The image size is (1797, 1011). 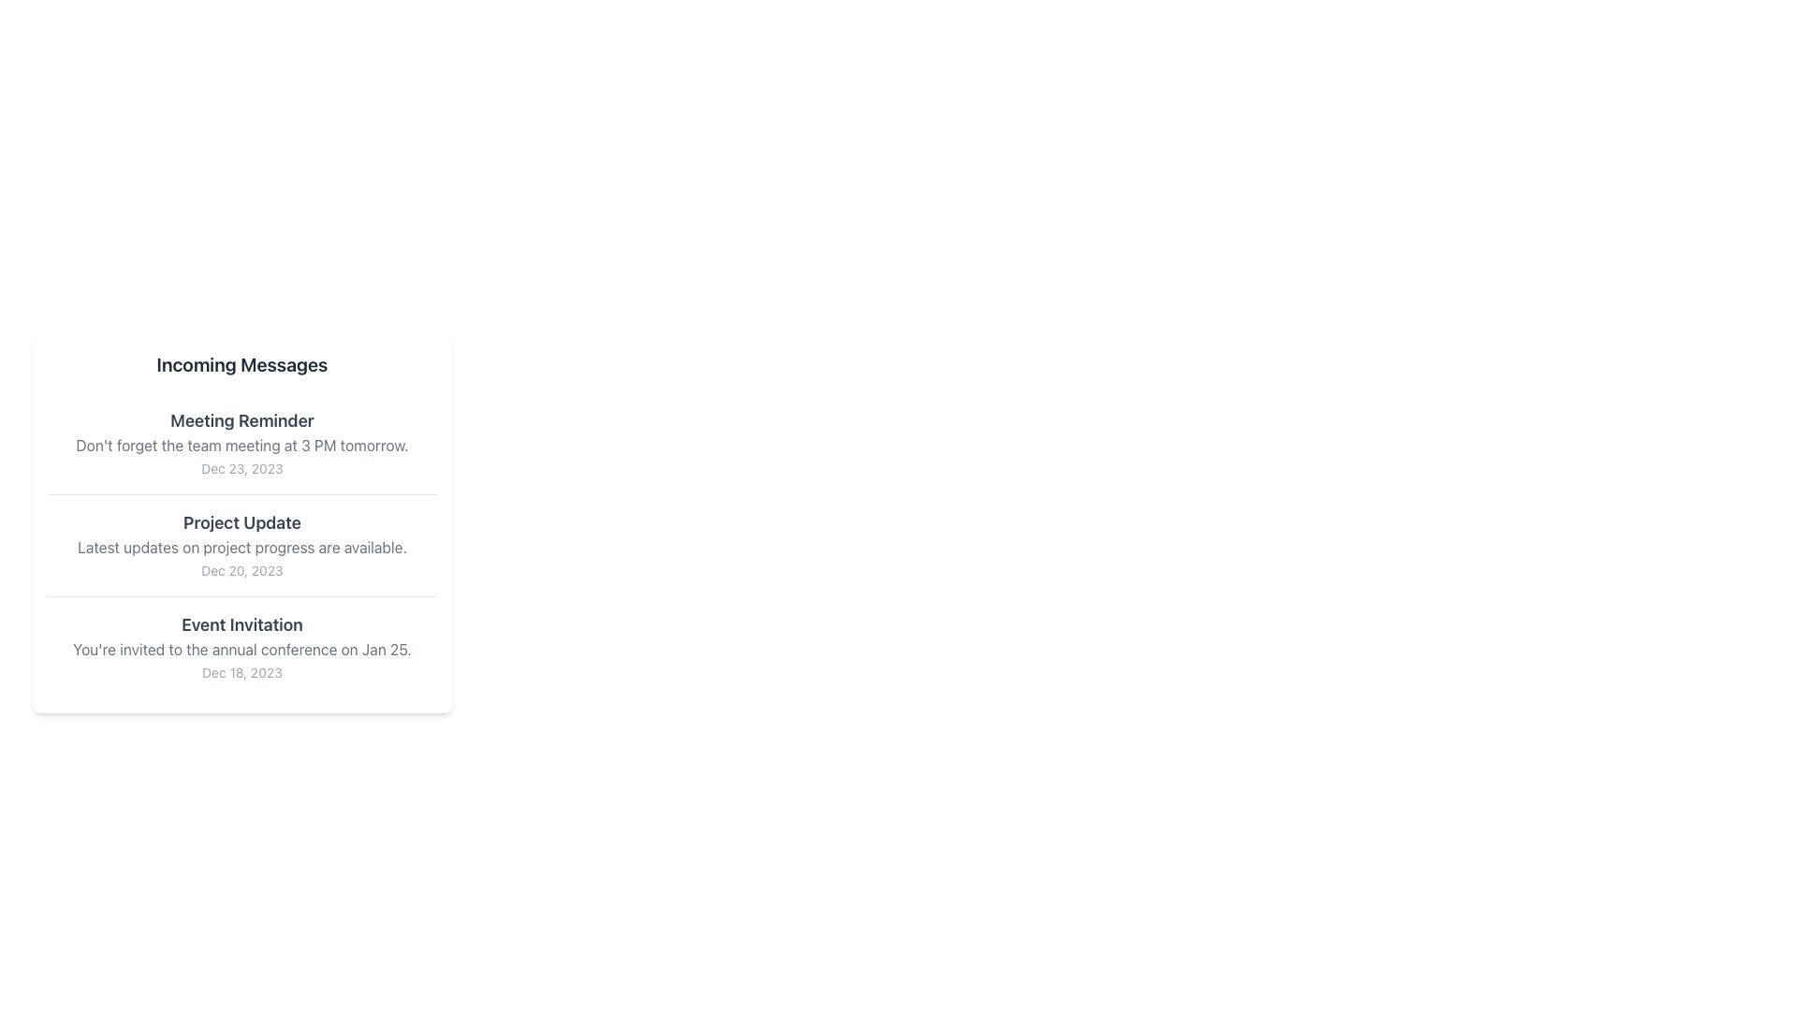 What do you see at coordinates (241, 445) in the screenshot?
I see `the text element that reads "Don't forget the team meeting at 3 PM tomorrow." located below the title "Meeting Reminder" and above the date "Dec 23, 2023"` at bounding box center [241, 445].